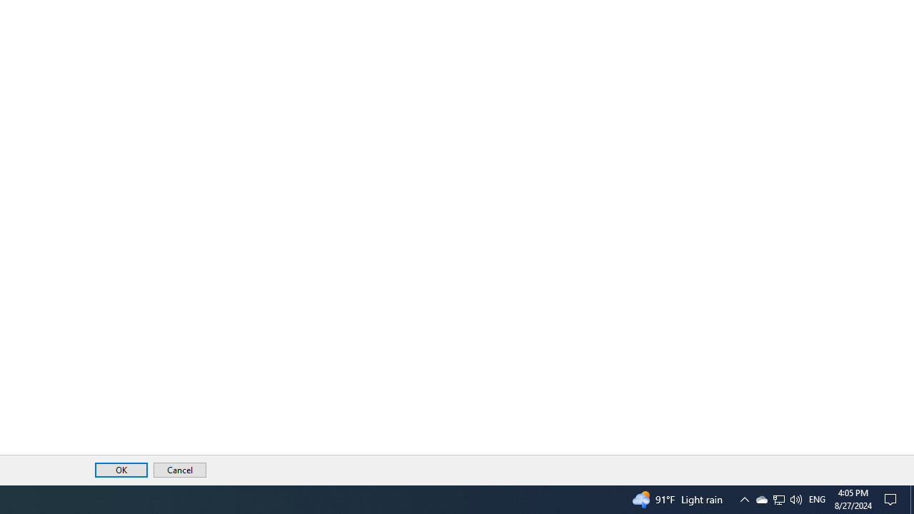 The height and width of the screenshot is (514, 914). What do you see at coordinates (121, 470) in the screenshot?
I see `'OK'` at bounding box center [121, 470].